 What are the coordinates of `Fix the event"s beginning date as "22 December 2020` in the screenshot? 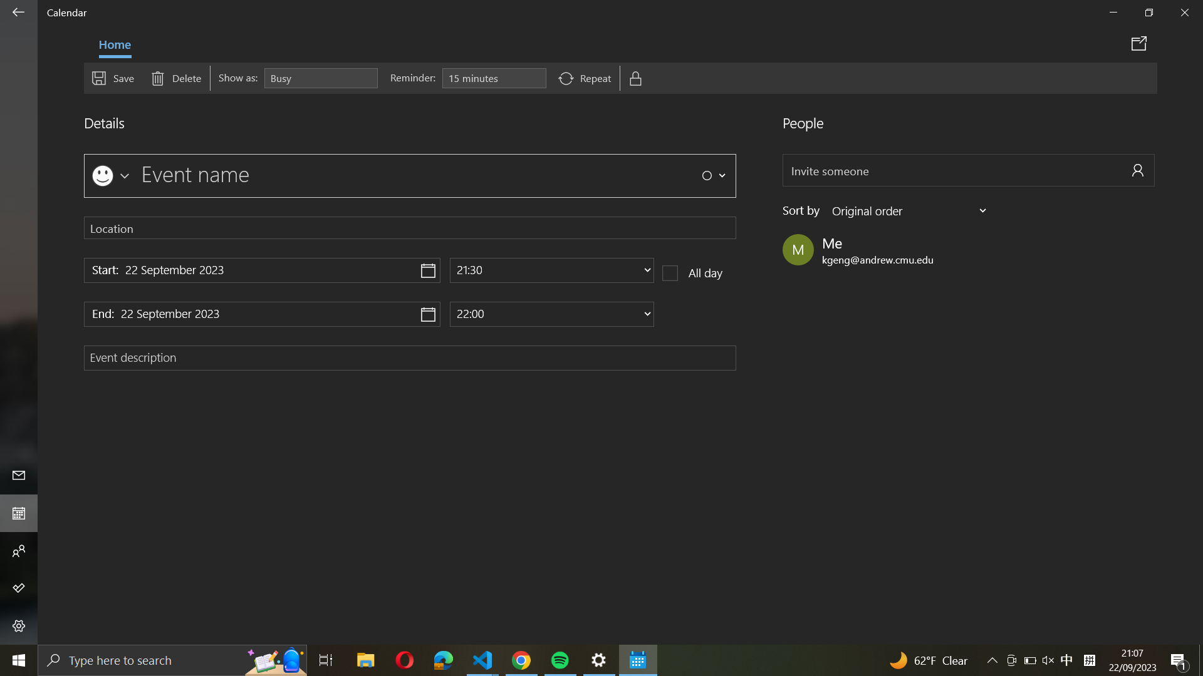 It's located at (261, 270).